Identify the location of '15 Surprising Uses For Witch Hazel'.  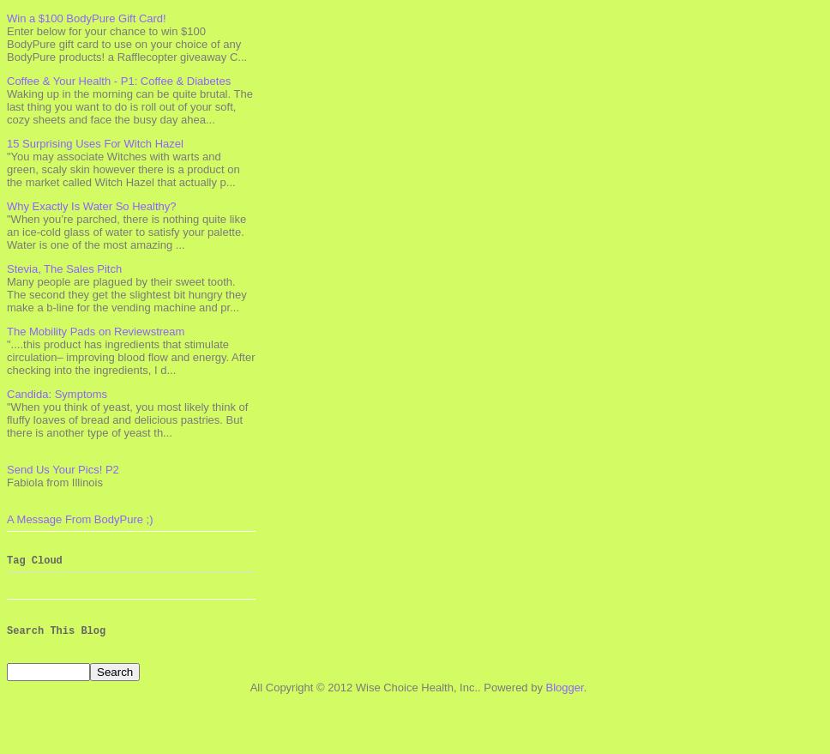
(94, 142).